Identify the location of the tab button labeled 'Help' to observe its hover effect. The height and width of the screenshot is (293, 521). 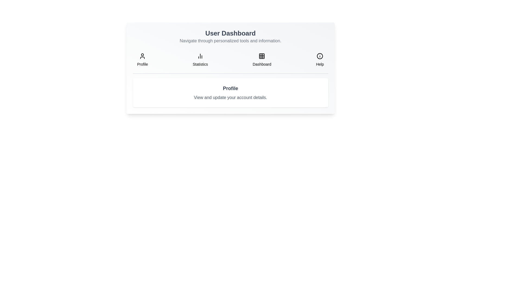
(320, 60).